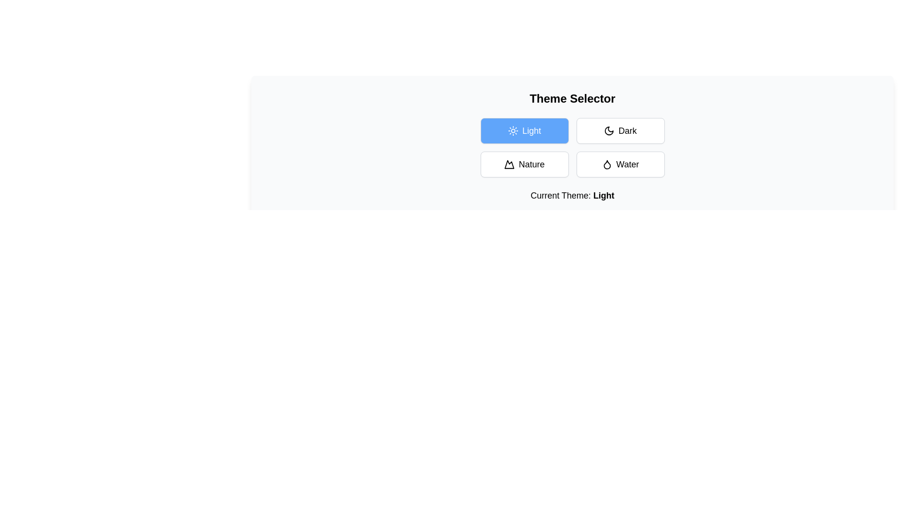 The width and height of the screenshot is (921, 518). What do you see at coordinates (572, 148) in the screenshot?
I see `the 'Light' button in the Theme Selector grid layout` at bounding box center [572, 148].